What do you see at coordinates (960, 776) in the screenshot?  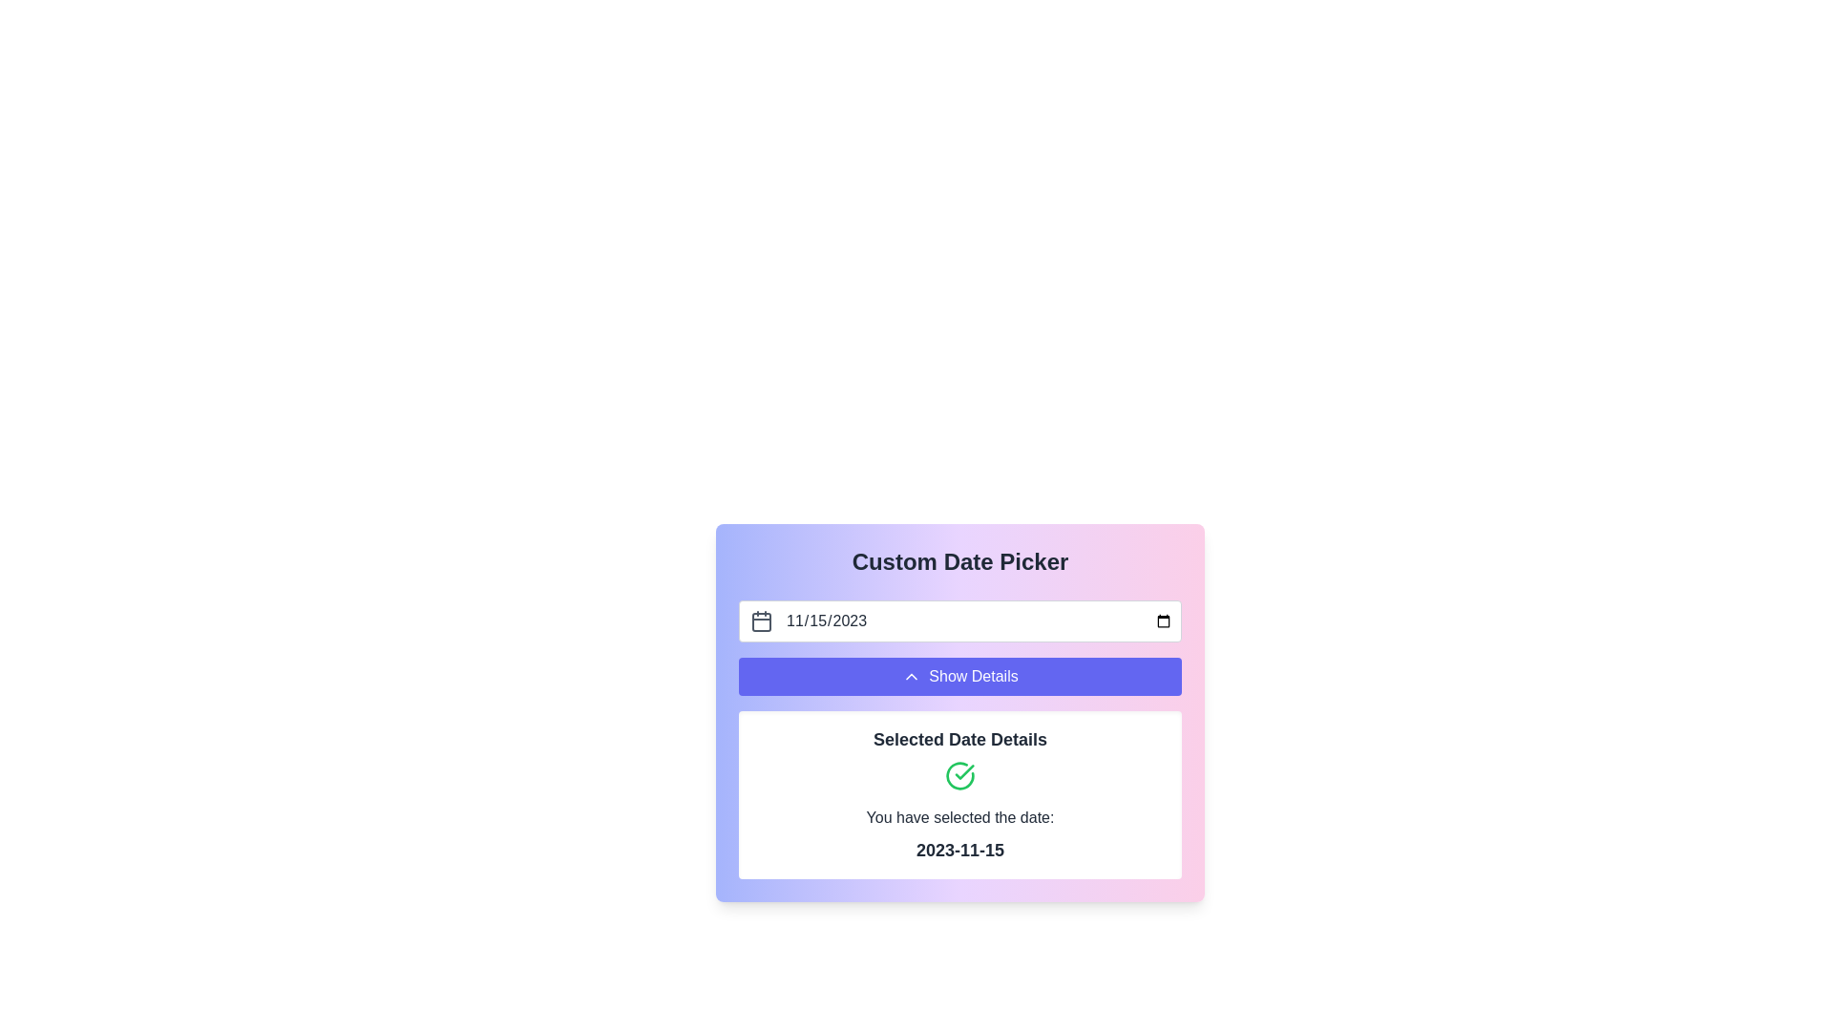 I see `the success indicator icon confirming the user's selection of the date, located under the 'Selected Date Details' heading and above the text 'You have selected the date: 2023-11-15'` at bounding box center [960, 776].